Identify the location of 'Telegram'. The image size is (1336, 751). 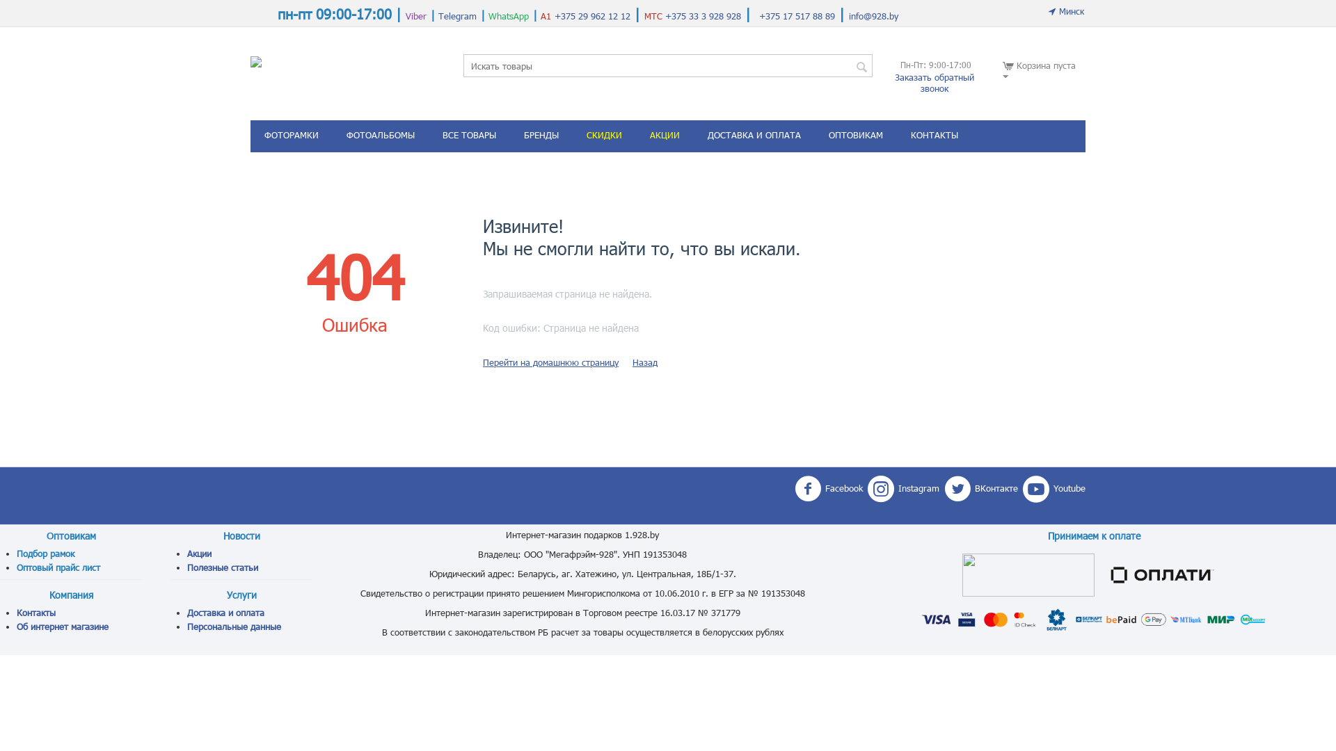
(437, 16).